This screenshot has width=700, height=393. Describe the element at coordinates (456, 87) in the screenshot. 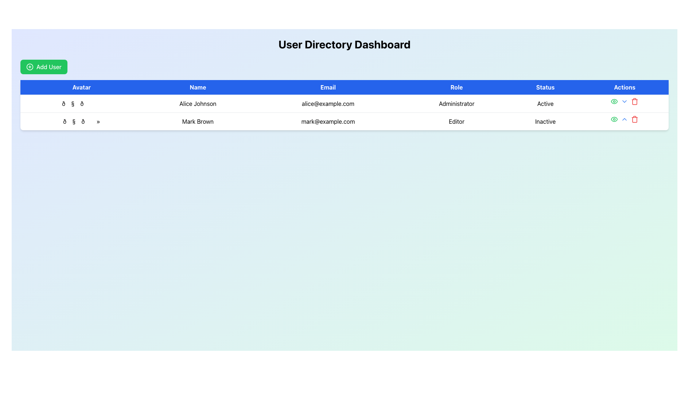

I see `the 'Role' header label in the table, which is displayed with white font on a blue background and is the fourth header among 'Avatar', 'Name', 'Email', 'Role', 'Status', and 'Actions'` at that location.